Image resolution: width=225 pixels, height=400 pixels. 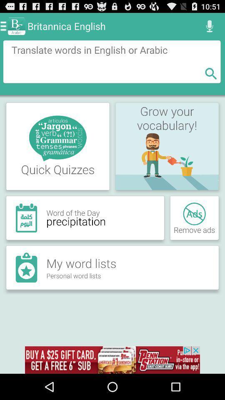 I want to click on the logo left to britannica english at the top of the page, so click(x=17, y=26).